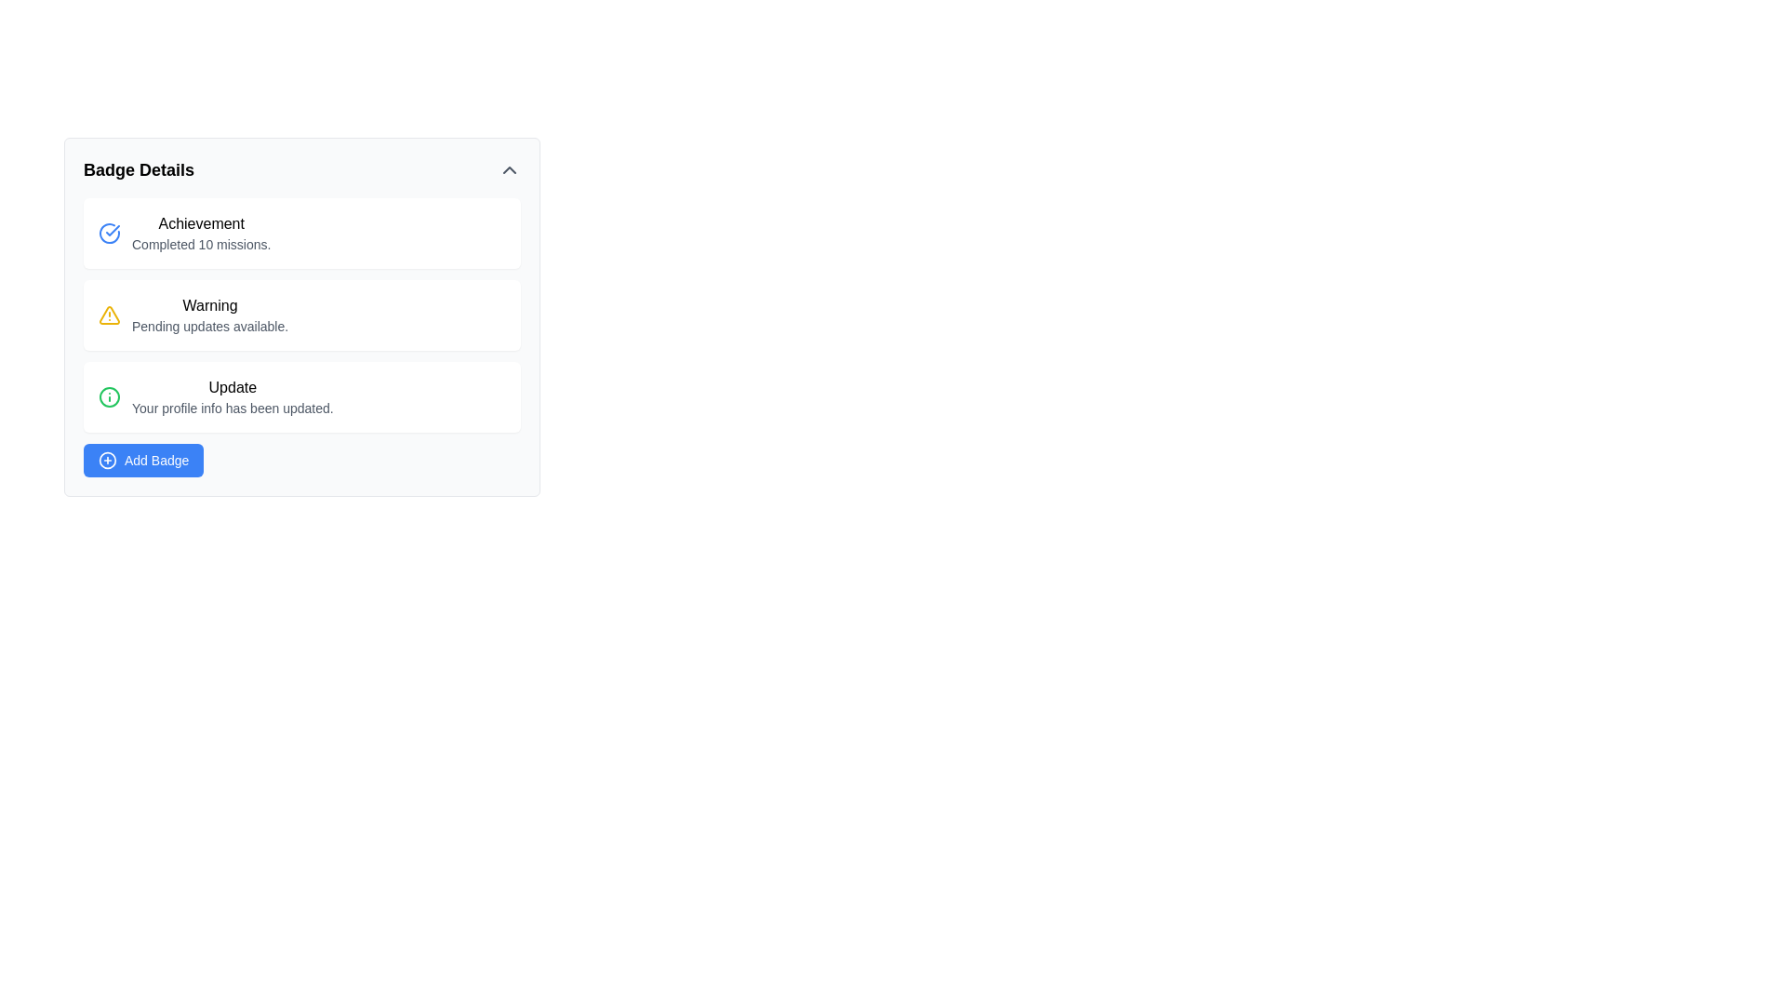  Describe the element at coordinates (201, 243) in the screenshot. I see `the text label that reads 'Completed 10 missions.' located underneath the 'Achievement' text in the 'Badge Details' panel` at that location.